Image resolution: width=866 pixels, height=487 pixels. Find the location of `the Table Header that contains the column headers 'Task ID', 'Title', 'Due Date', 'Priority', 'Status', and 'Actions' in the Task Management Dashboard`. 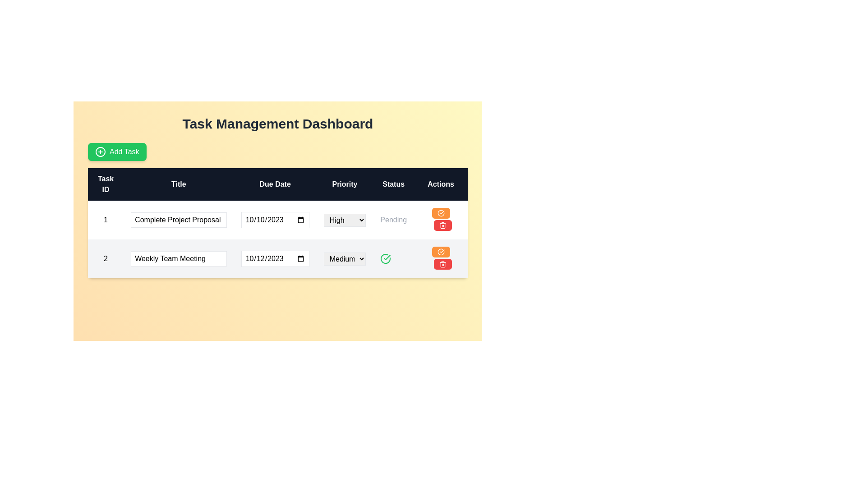

the Table Header that contains the column headers 'Task ID', 'Title', 'Due Date', 'Priority', 'Status', and 'Actions' in the Task Management Dashboard is located at coordinates (277, 184).